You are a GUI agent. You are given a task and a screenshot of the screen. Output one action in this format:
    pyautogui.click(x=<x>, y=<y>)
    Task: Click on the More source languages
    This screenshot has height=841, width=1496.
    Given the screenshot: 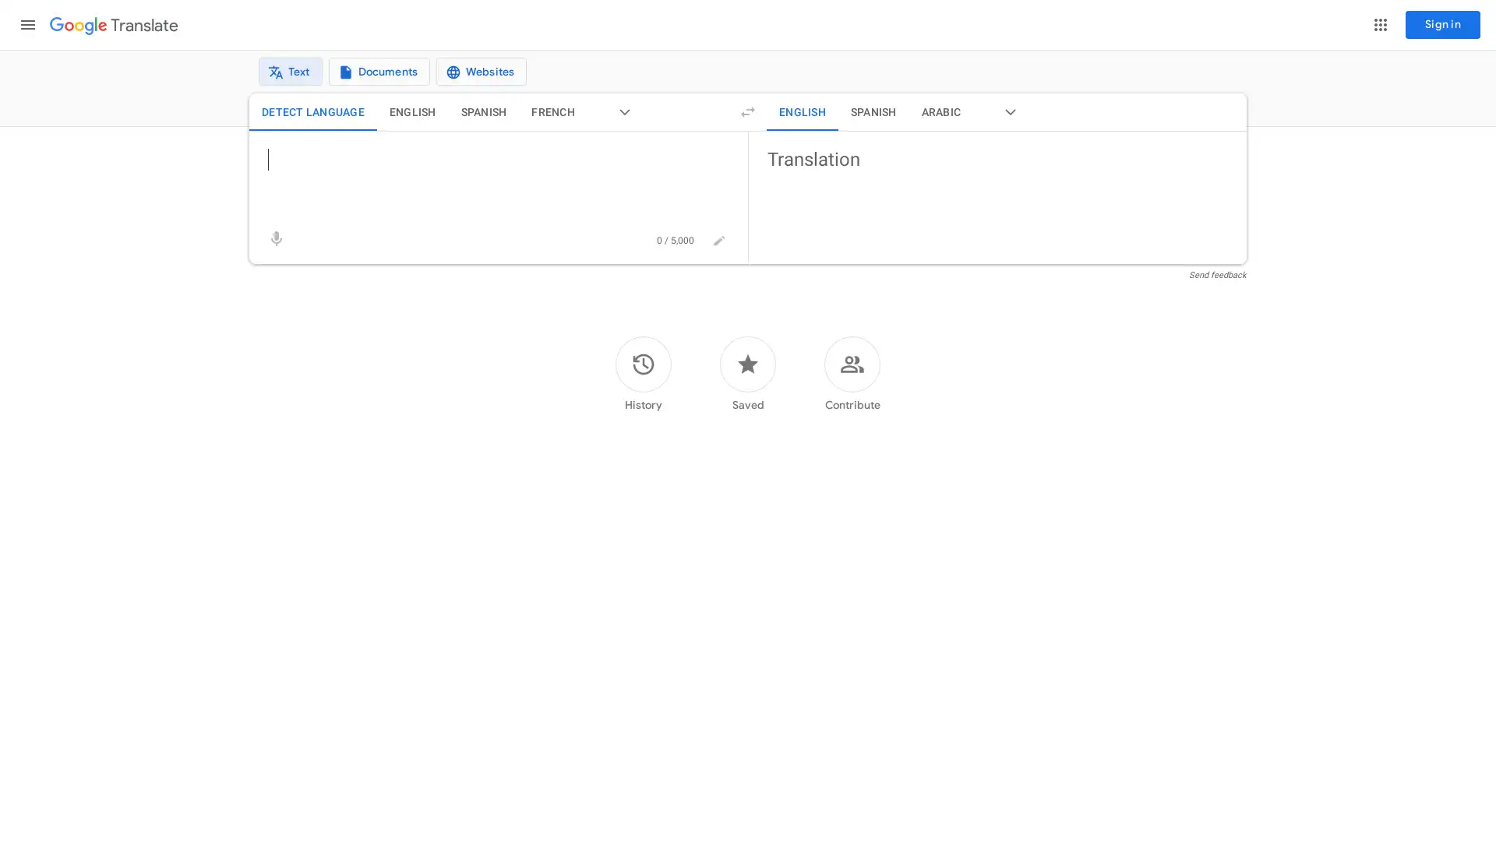 What is the action you would take?
    pyautogui.click(x=624, y=120)
    